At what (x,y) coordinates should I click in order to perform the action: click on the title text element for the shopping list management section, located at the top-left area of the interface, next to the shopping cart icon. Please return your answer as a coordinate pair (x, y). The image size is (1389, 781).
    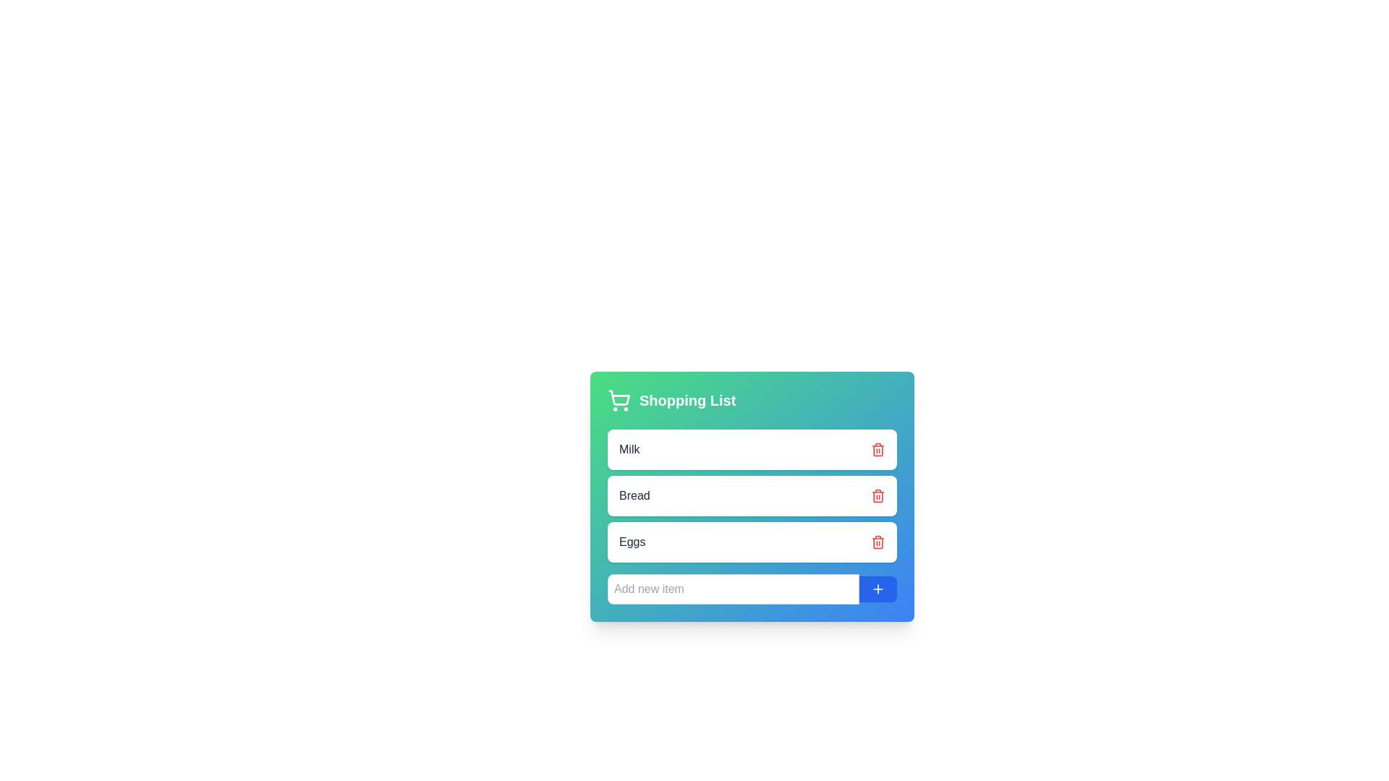
    Looking at the image, I should click on (687, 401).